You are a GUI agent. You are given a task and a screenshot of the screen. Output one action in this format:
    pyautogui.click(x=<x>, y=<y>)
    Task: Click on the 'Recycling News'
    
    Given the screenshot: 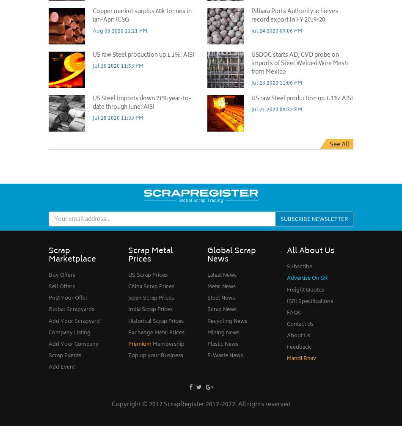 What is the action you would take?
    pyautogui.click(x=227, y=321)
    